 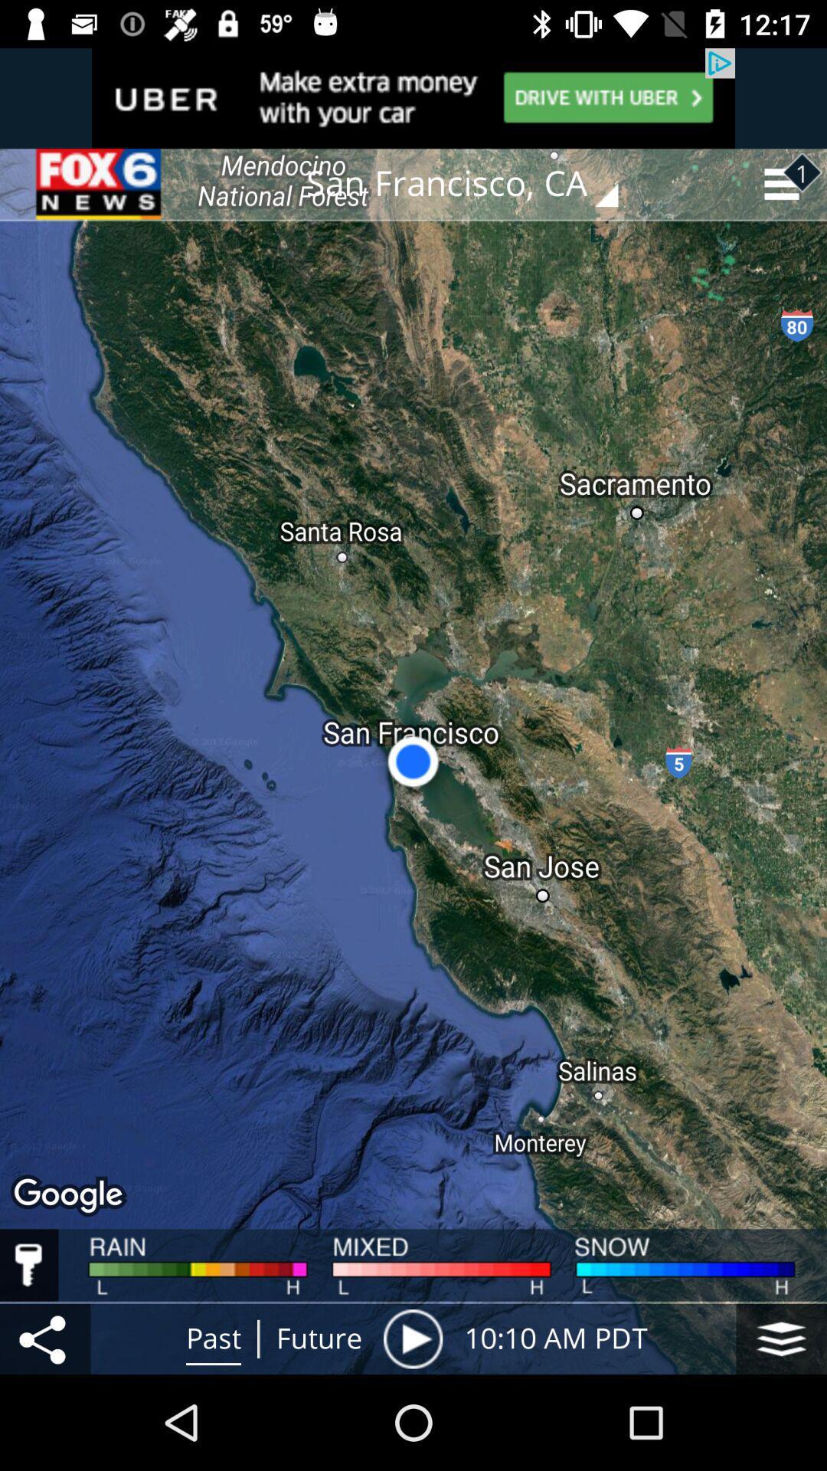 What do you see at coordinates (44, 1338) in the screenshot?
I see `the share icon` at bounding box center [44, 1338].